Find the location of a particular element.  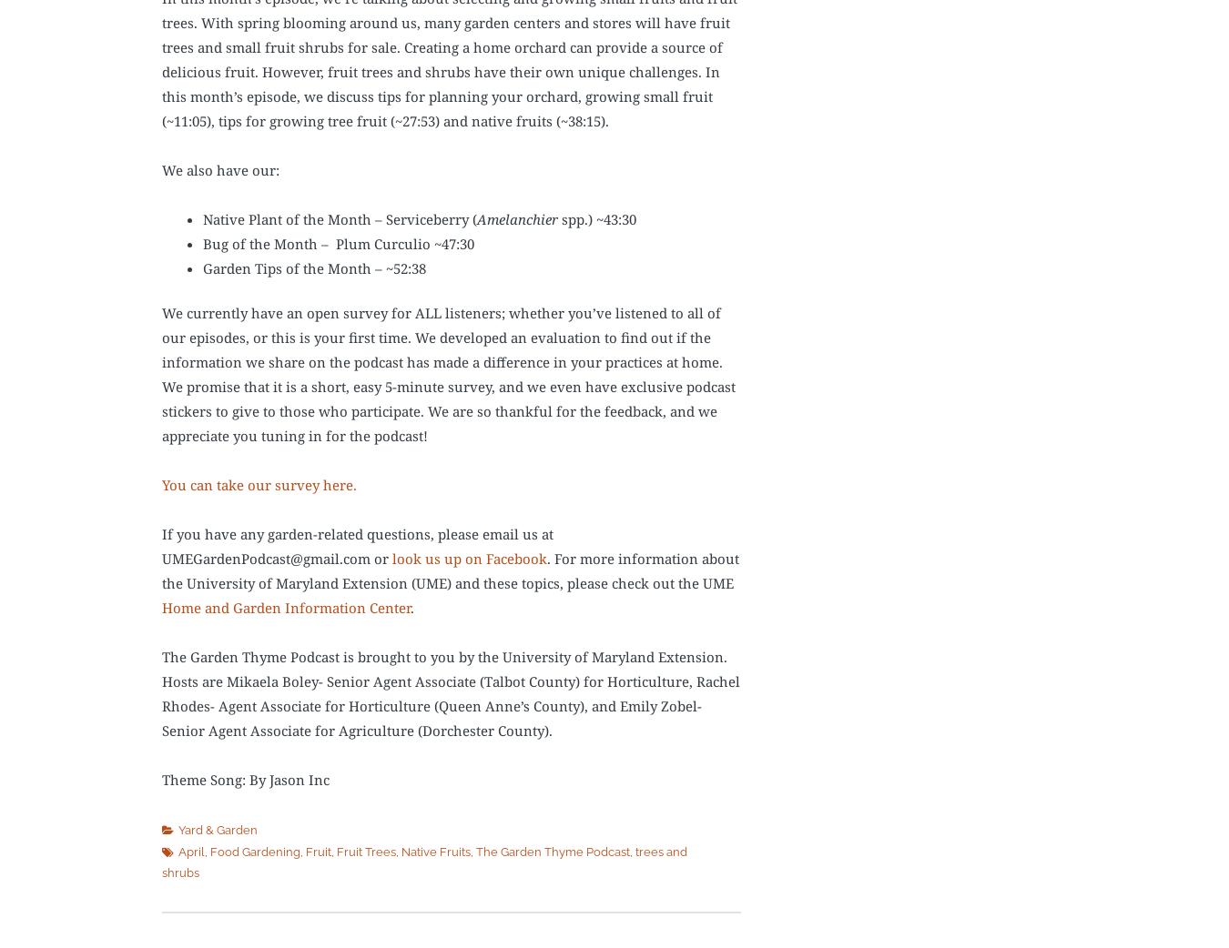

'You can take our survey here.' is located at coordinates (258, 483).